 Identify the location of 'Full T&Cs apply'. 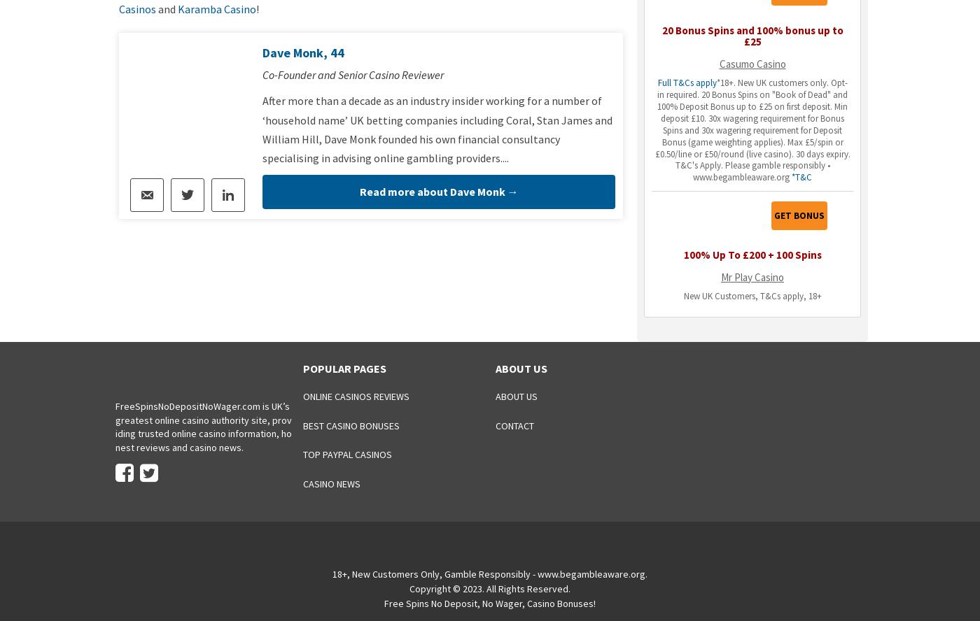
(685, 83).